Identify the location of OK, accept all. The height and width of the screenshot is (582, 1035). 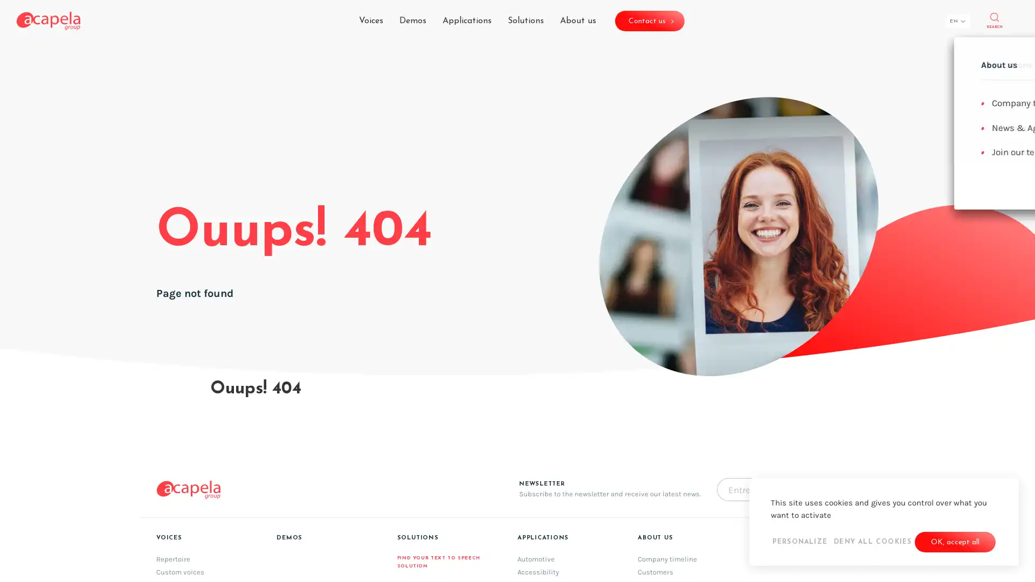
(955, 542).